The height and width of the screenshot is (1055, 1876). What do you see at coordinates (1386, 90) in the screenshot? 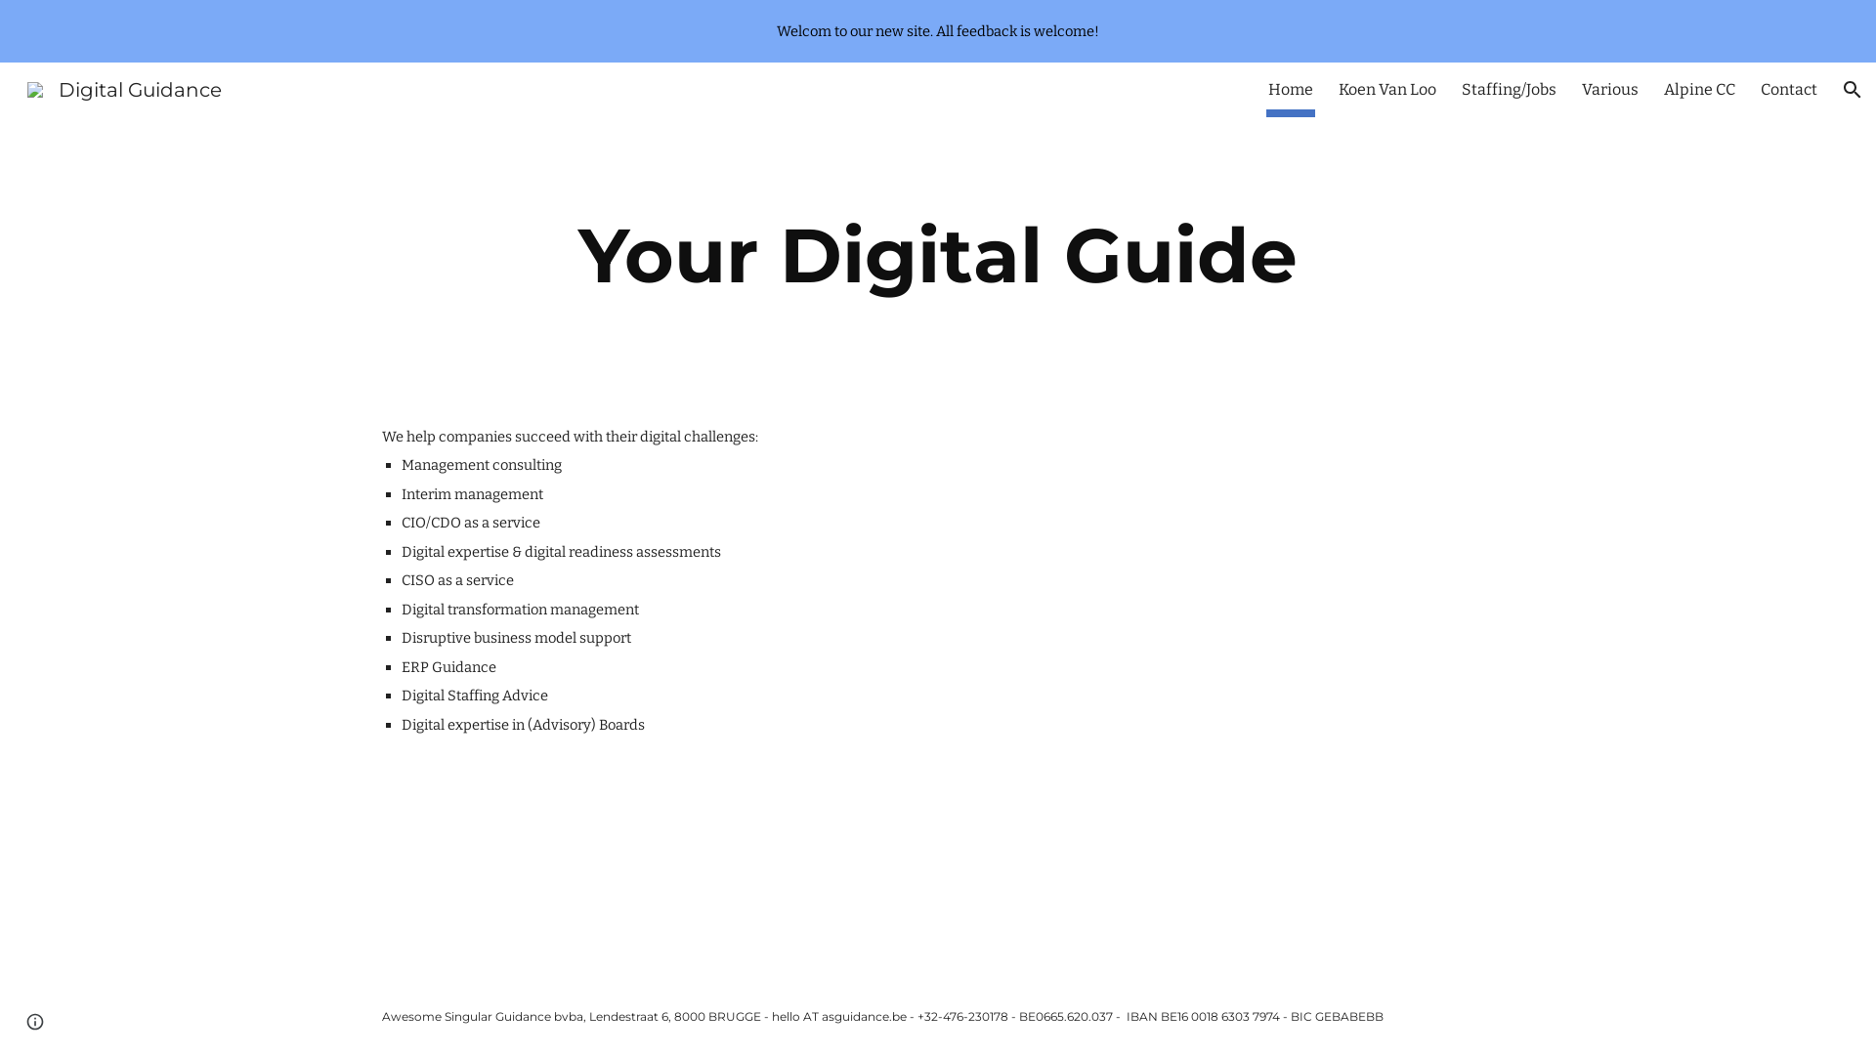
I see `'Koen Van Loo'` at bounding box center [1386, 90].